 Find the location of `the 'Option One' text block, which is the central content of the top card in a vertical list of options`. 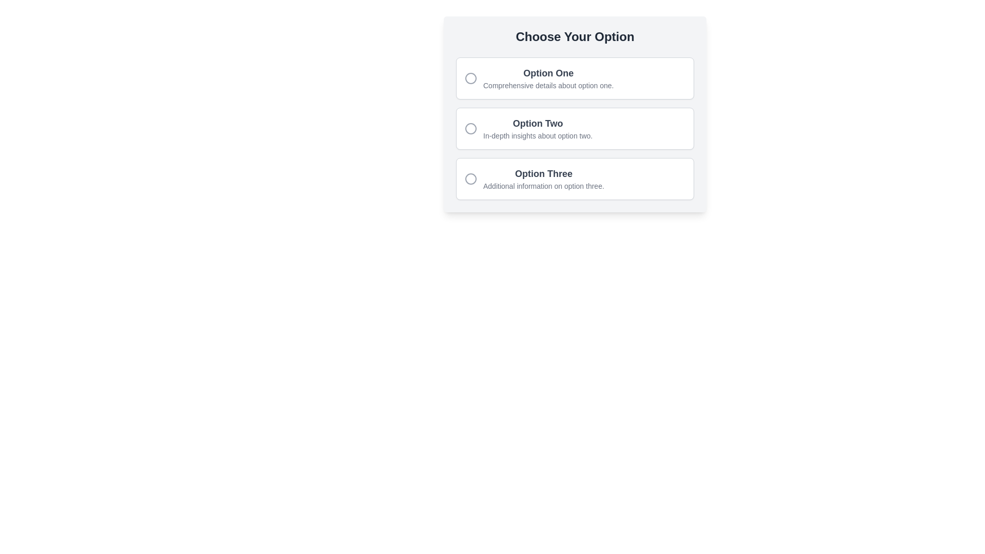

the 'Option One' text block, which is the central content of the top card in a vertical list of options is located at coordinates (548, 78).